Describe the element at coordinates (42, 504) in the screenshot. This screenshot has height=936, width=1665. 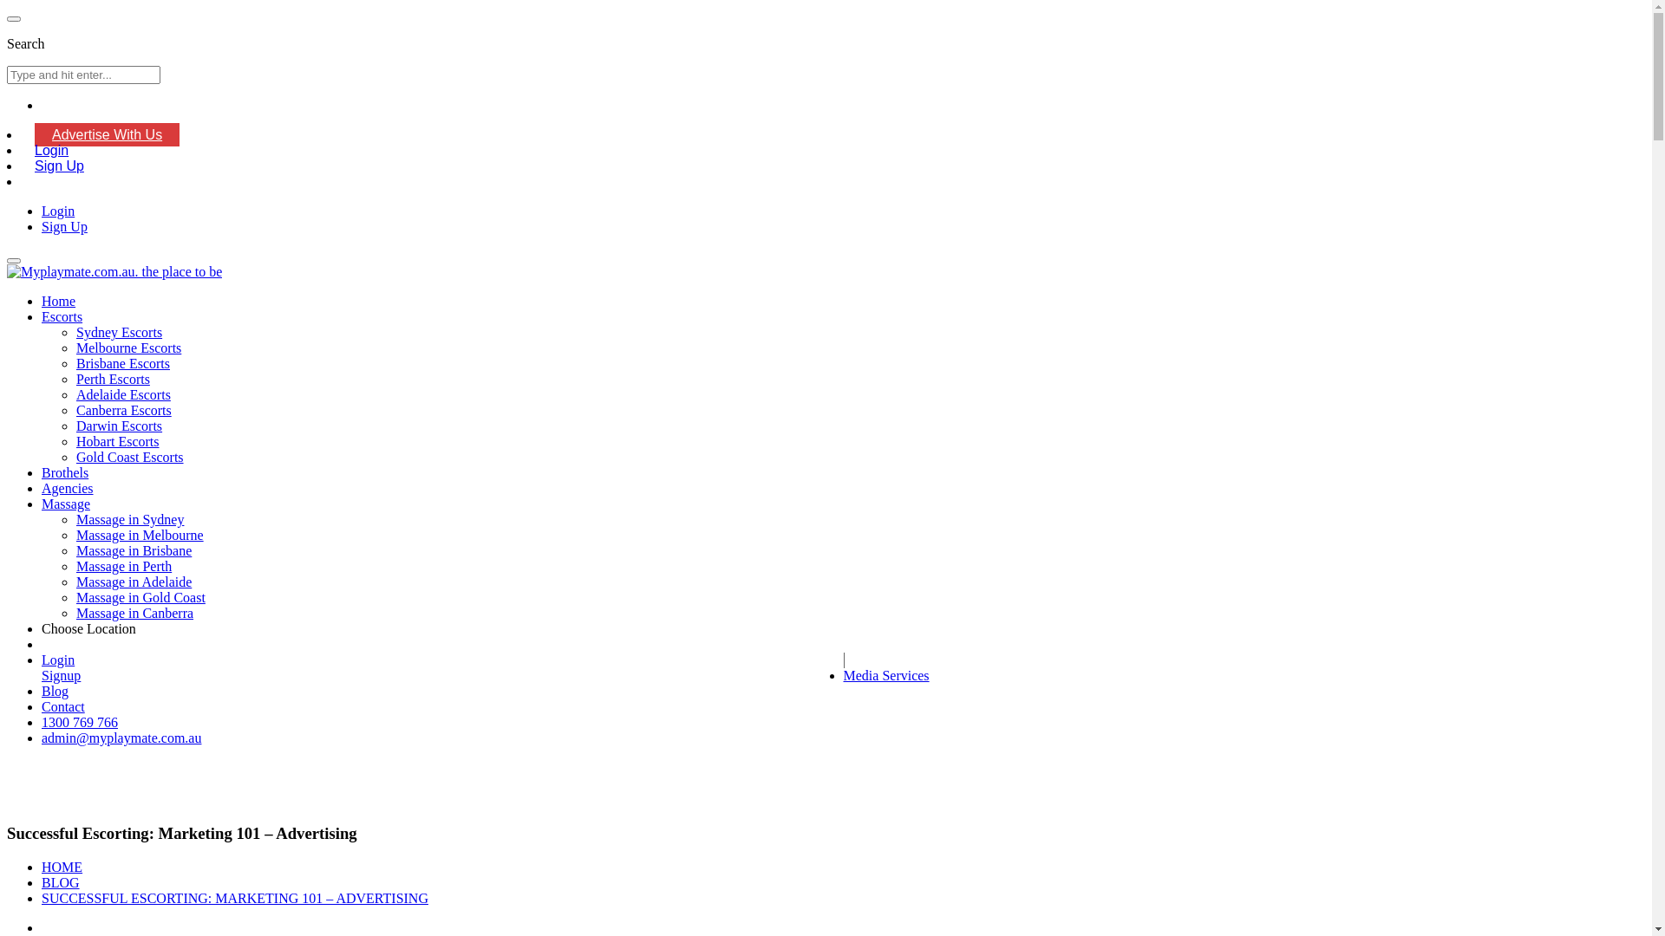
I see `'Massage'` at that location.